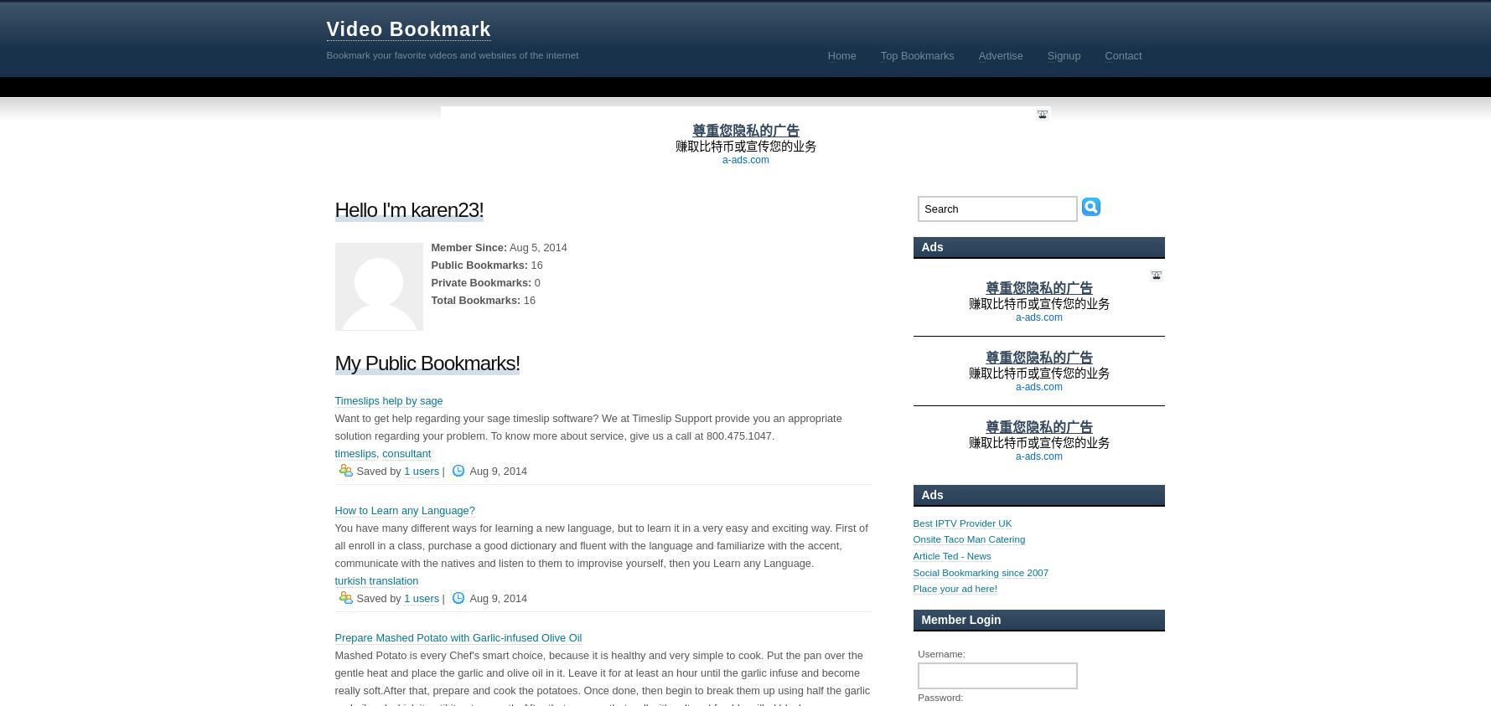 The height and width of the screenshot is (706, 1491). Describe the element at coordinates (334, 544) in the screenshot. I see `'You have many different ways for learning a new language, but to learn it in a very easy and exciting way. First of all enroll in a class, purchase a good dictionary and fluent with the language and familiarize with the accent, communicate with the natives and listen to them to improvise yourself, then you Learn any Language.'` at that location.